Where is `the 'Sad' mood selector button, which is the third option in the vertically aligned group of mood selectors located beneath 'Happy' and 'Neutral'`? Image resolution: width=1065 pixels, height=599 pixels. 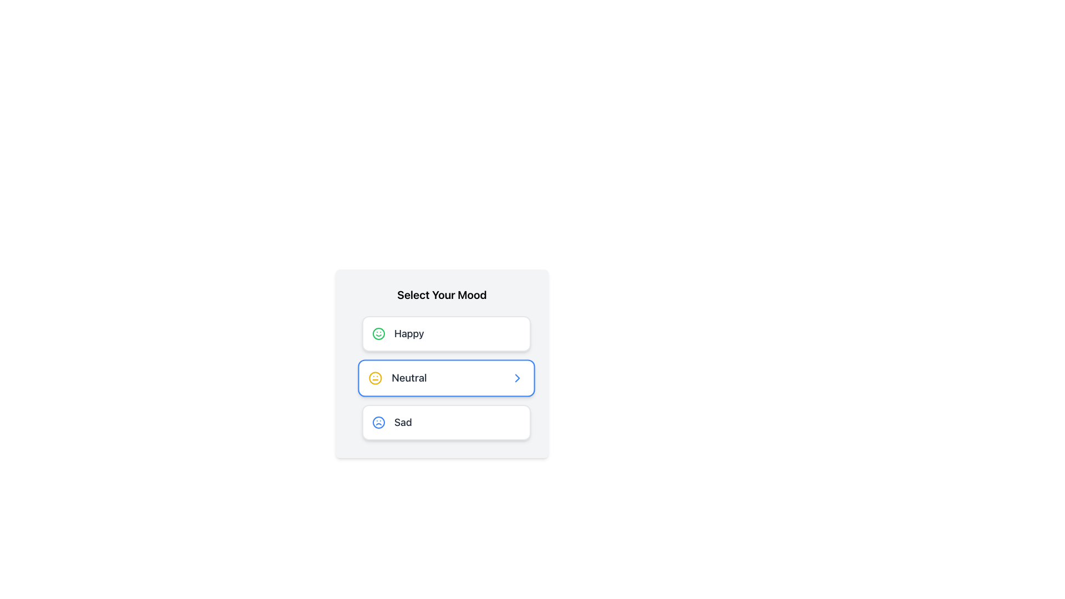
the 'Sad' mood selector button, which is the third option in the vertically aligned group of mood selectors located beneath 'Happy' and 'Neutral' is located at coordinates (447, 423).